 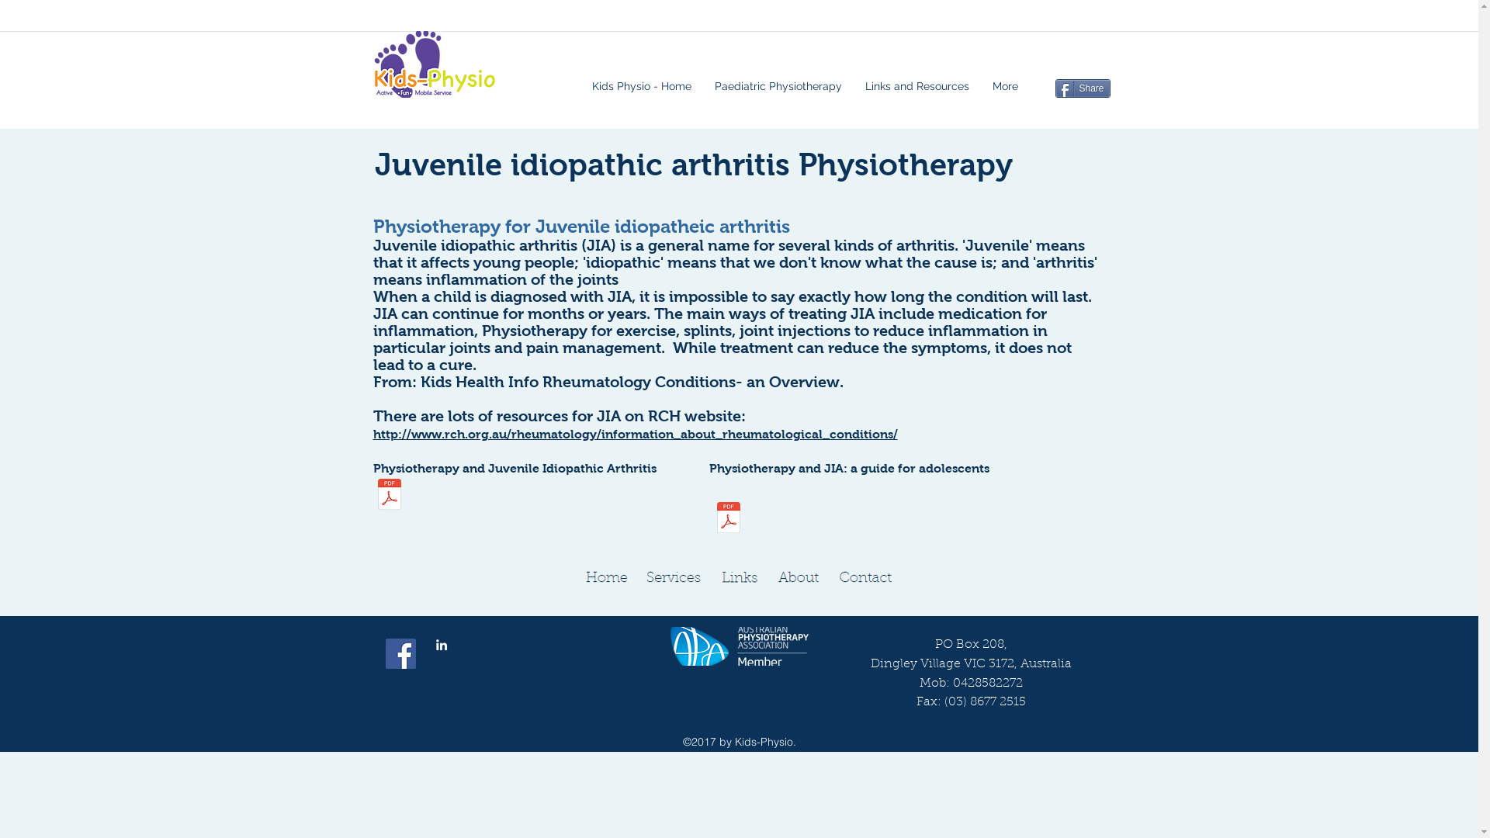 I want to click on 'Member APA National Paediatric Group', so click(x=739, y=646).